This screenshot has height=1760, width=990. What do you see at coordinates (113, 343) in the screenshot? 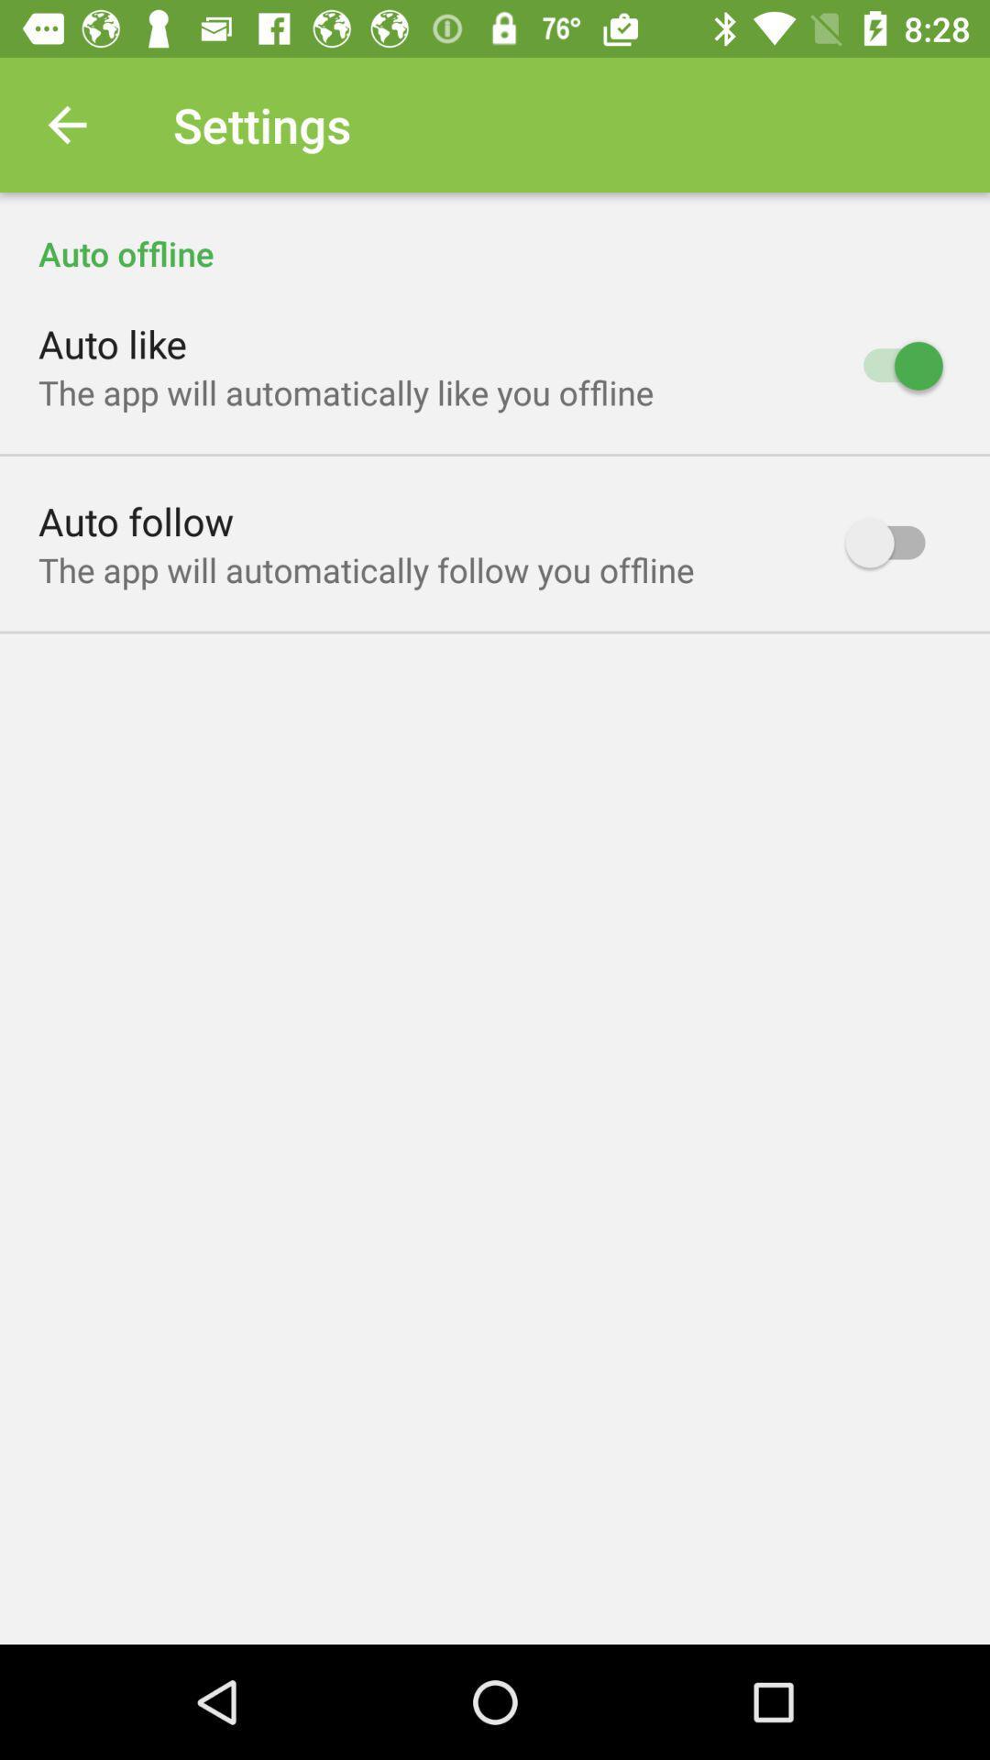
I see `the item above the the app will` at bounding box center [113, 343].